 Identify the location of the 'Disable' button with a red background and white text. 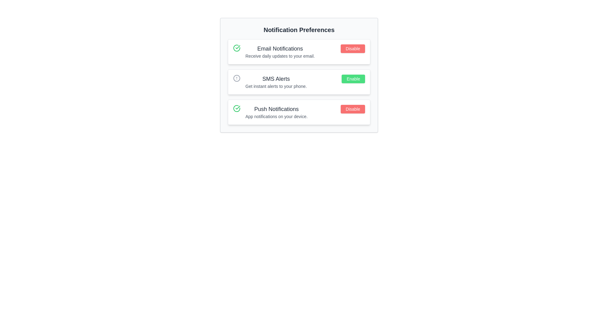
(353, 48).